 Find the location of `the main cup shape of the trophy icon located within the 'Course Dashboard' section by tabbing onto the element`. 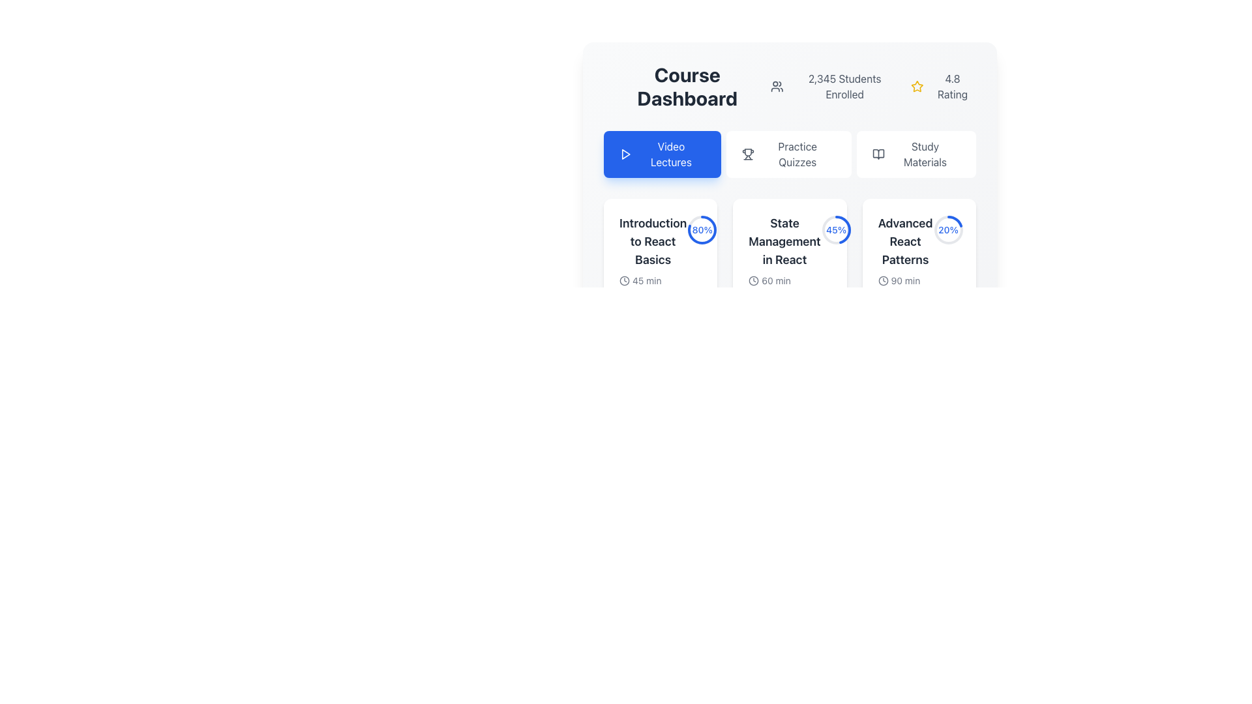

the main cup shape of the trophy icon located within the 'Course Dashboard' section by tabbing onto the element is located at coordinates (748, 152).